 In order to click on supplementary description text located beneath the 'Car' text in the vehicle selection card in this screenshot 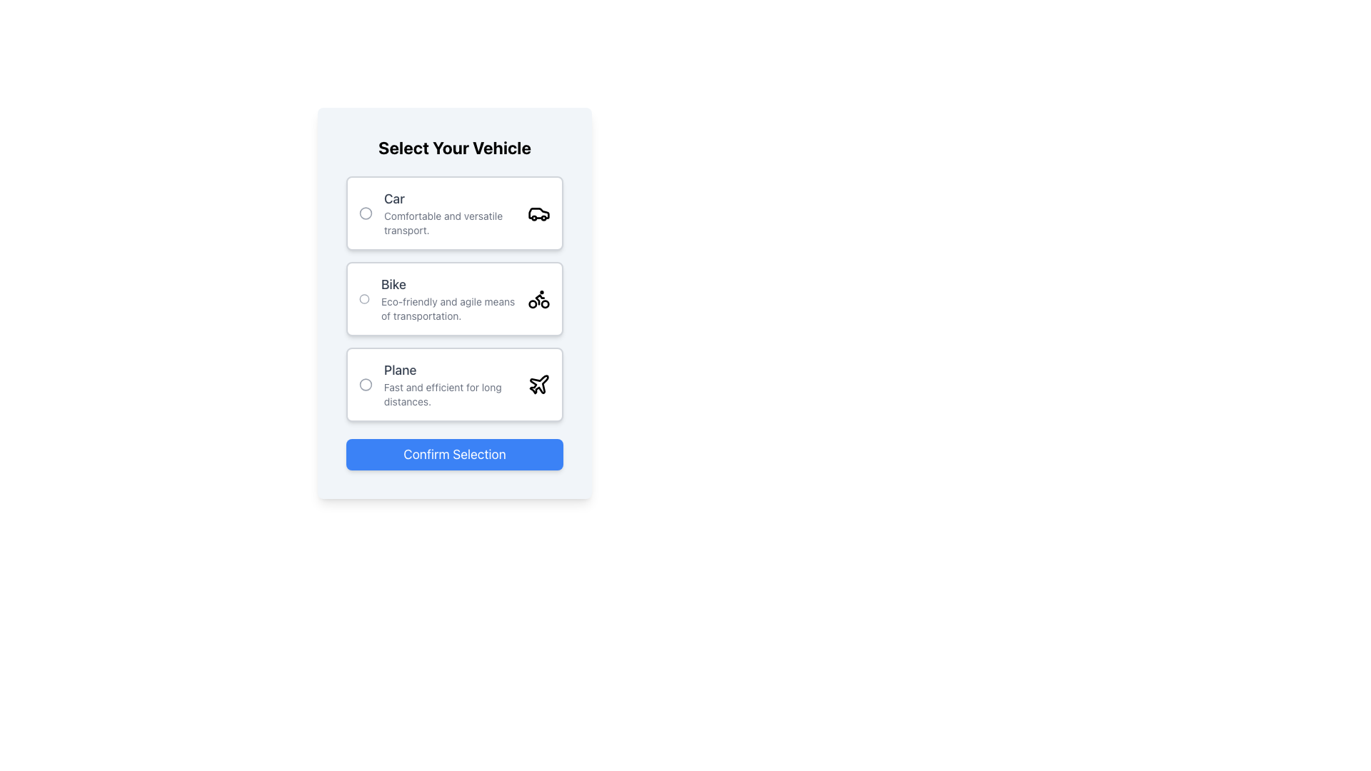, I will do `click(449, 223)`.